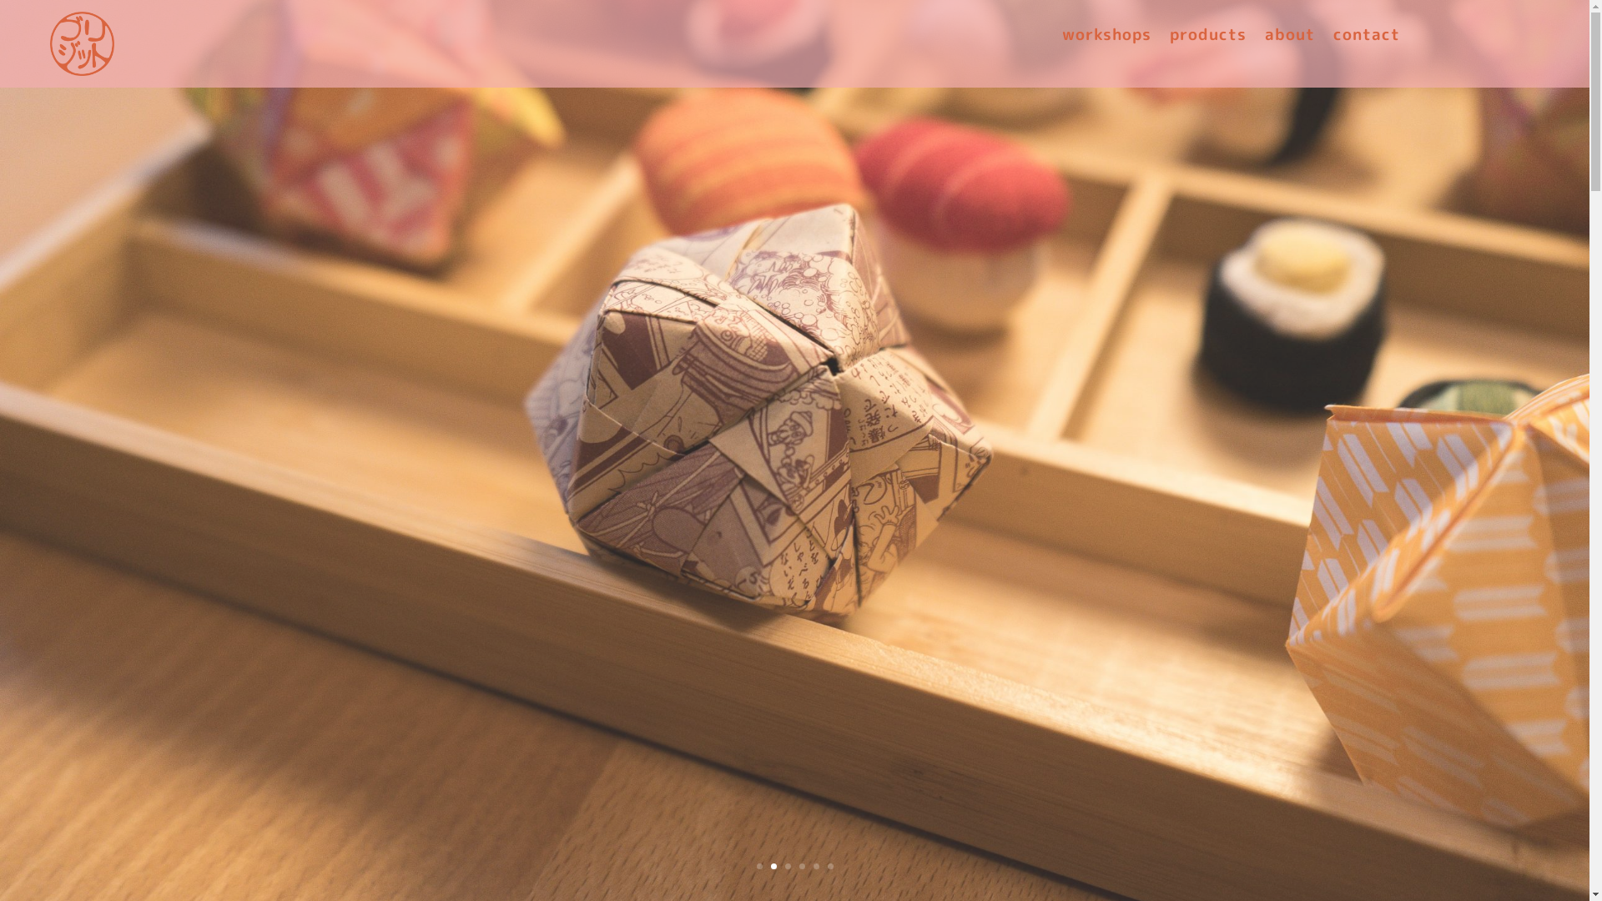  I want to click on '5', so click(813, 865).